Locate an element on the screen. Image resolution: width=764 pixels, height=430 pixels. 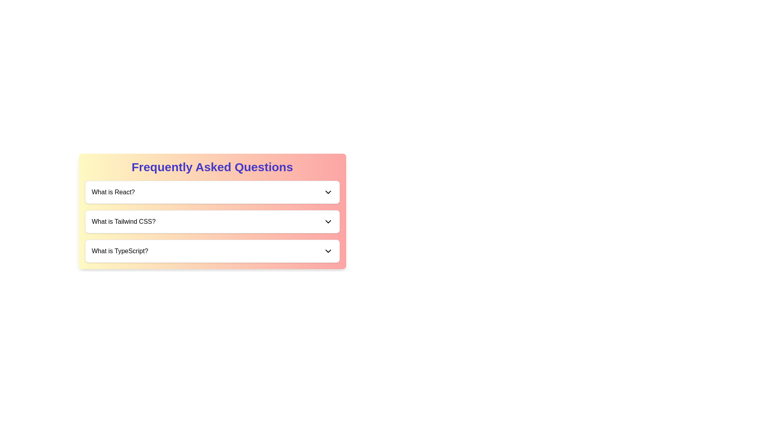
the left-aligned text label for the first question in the FAQ section, which is located to the left of the dropdown indicator icon is located at coordinates (113, 192).